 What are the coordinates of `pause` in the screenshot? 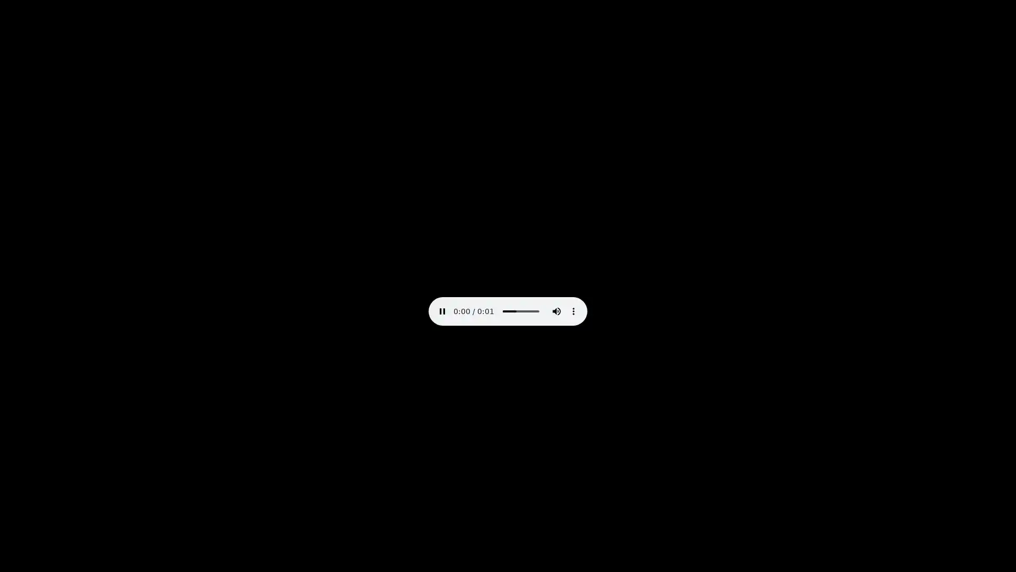 It's located at (442, 310).